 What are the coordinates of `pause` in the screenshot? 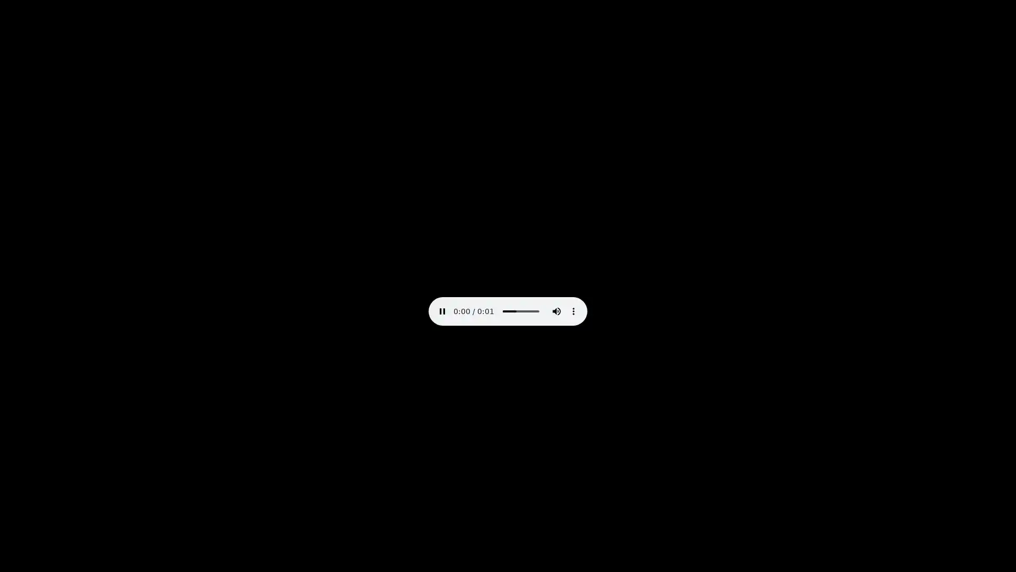 It's located at (442, 310).